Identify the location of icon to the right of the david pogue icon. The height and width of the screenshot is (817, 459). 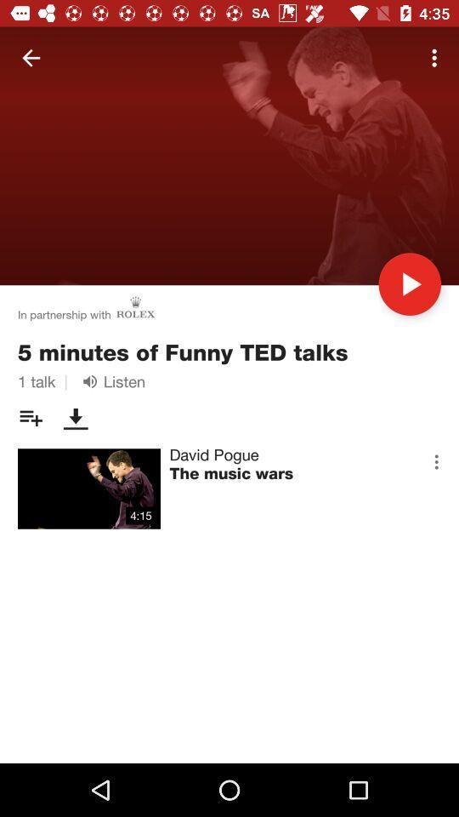
(436, 461).